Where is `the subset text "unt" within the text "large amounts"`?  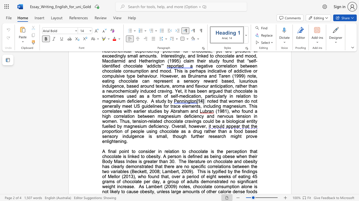 the subset text "unt" within the text "large amounts" is located at coordinates (191, 191).